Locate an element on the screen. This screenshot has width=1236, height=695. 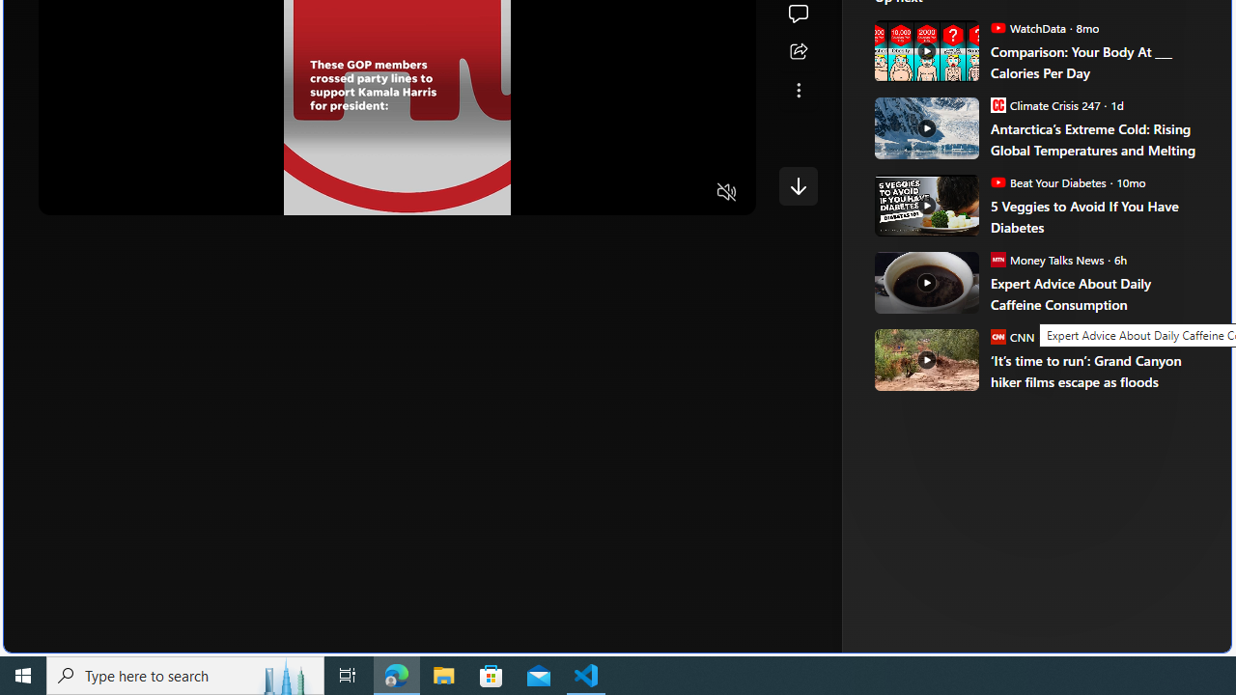
'Seek Back' is located at coordinates (105, 193).